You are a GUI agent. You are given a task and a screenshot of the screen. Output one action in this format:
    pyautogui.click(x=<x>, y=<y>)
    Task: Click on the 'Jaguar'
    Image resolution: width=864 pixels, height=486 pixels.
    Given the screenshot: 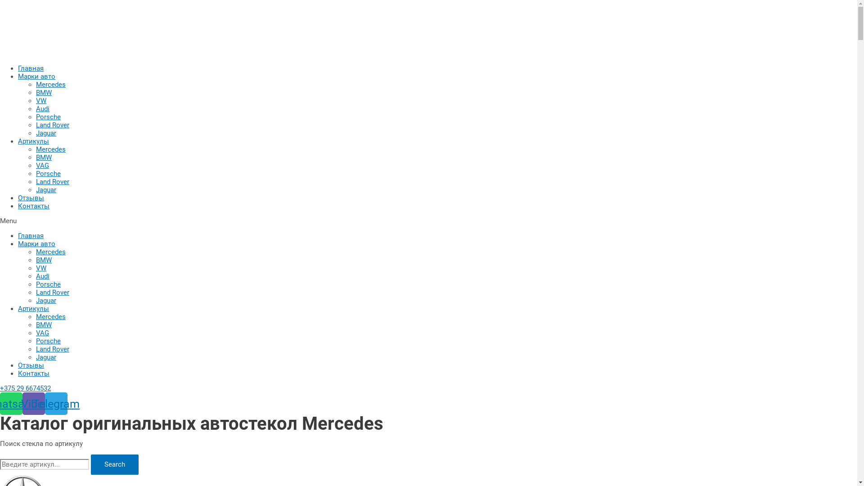 What is the action you would take?
    pyautogui.click(x=45, y=357)
    